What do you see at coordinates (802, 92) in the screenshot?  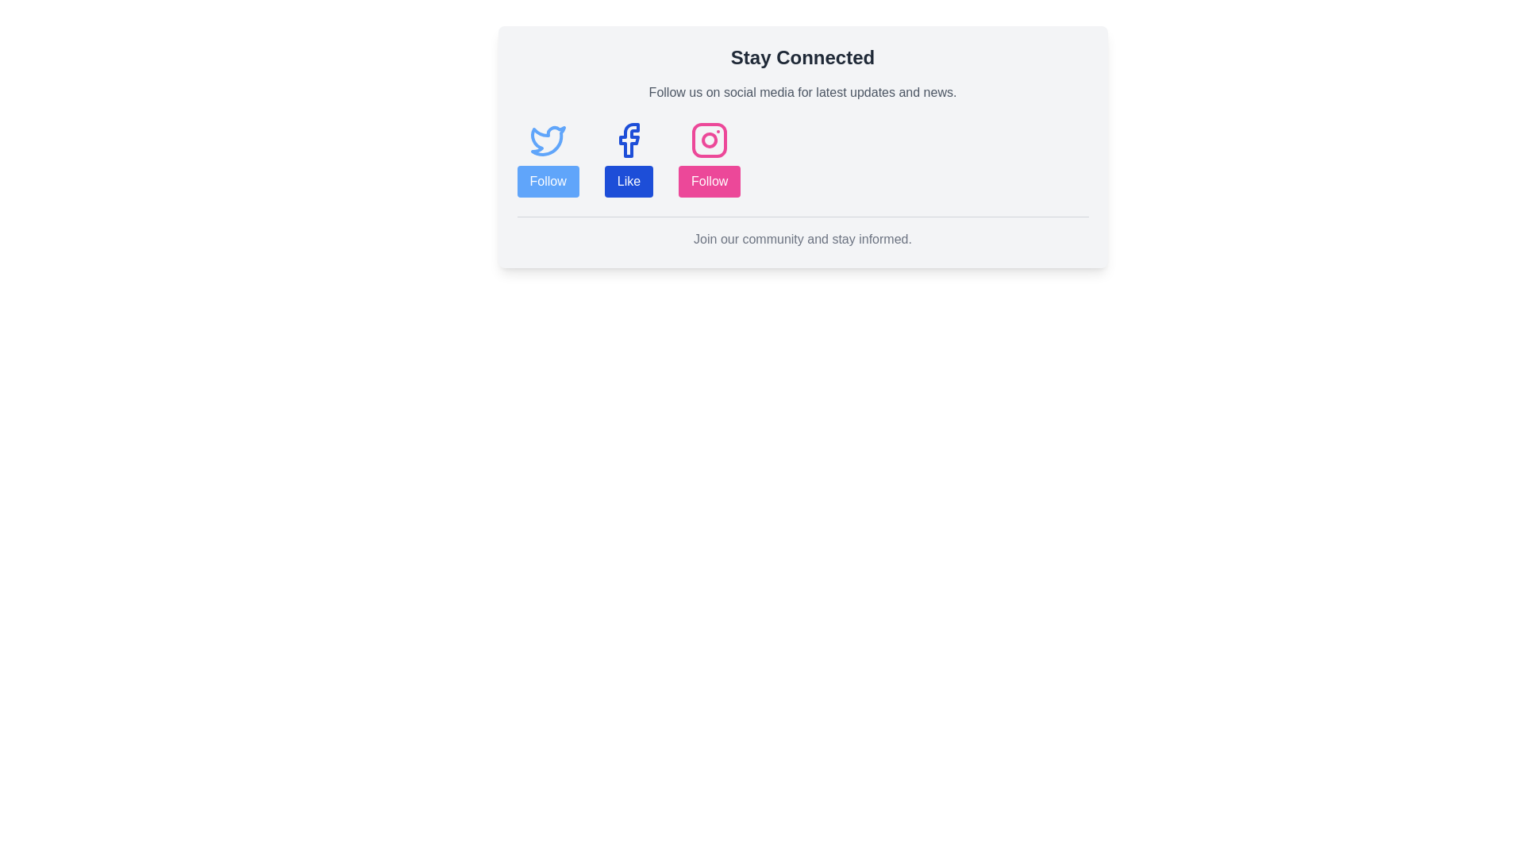 I see `the text element that provides contextual information about the social media section, which is centrally positioned in the card layout beneath the header 'Stay Connected'` at bounding box center [802, 92].